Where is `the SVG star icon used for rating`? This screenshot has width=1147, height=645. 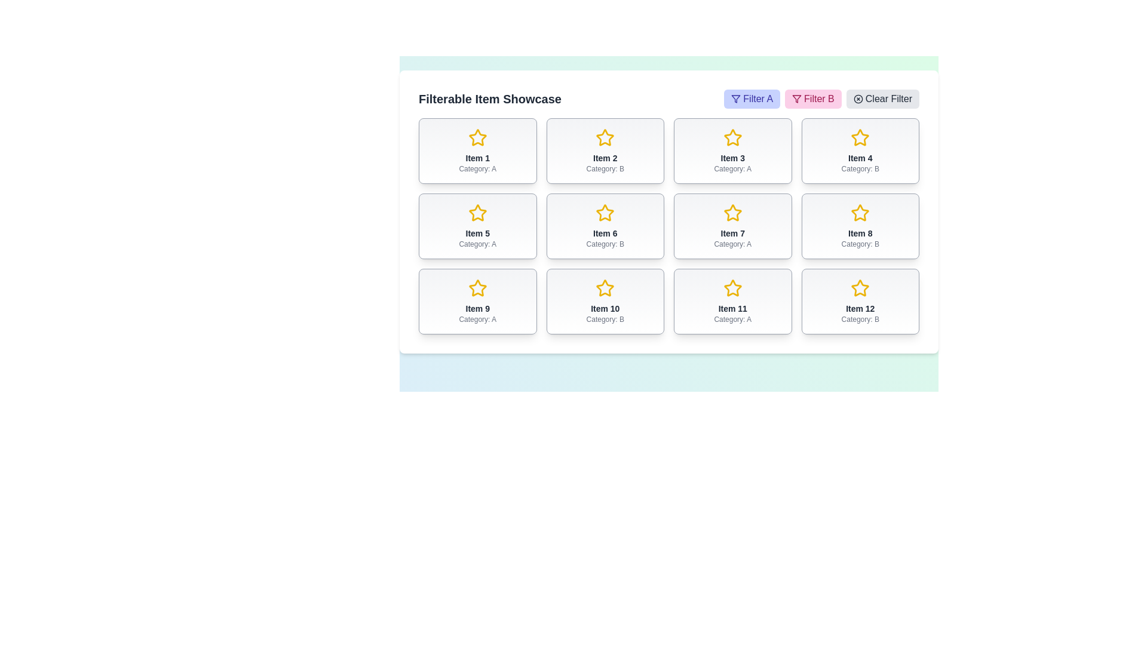
the SVG star icon used for rating is located at coordinates (605, 137).